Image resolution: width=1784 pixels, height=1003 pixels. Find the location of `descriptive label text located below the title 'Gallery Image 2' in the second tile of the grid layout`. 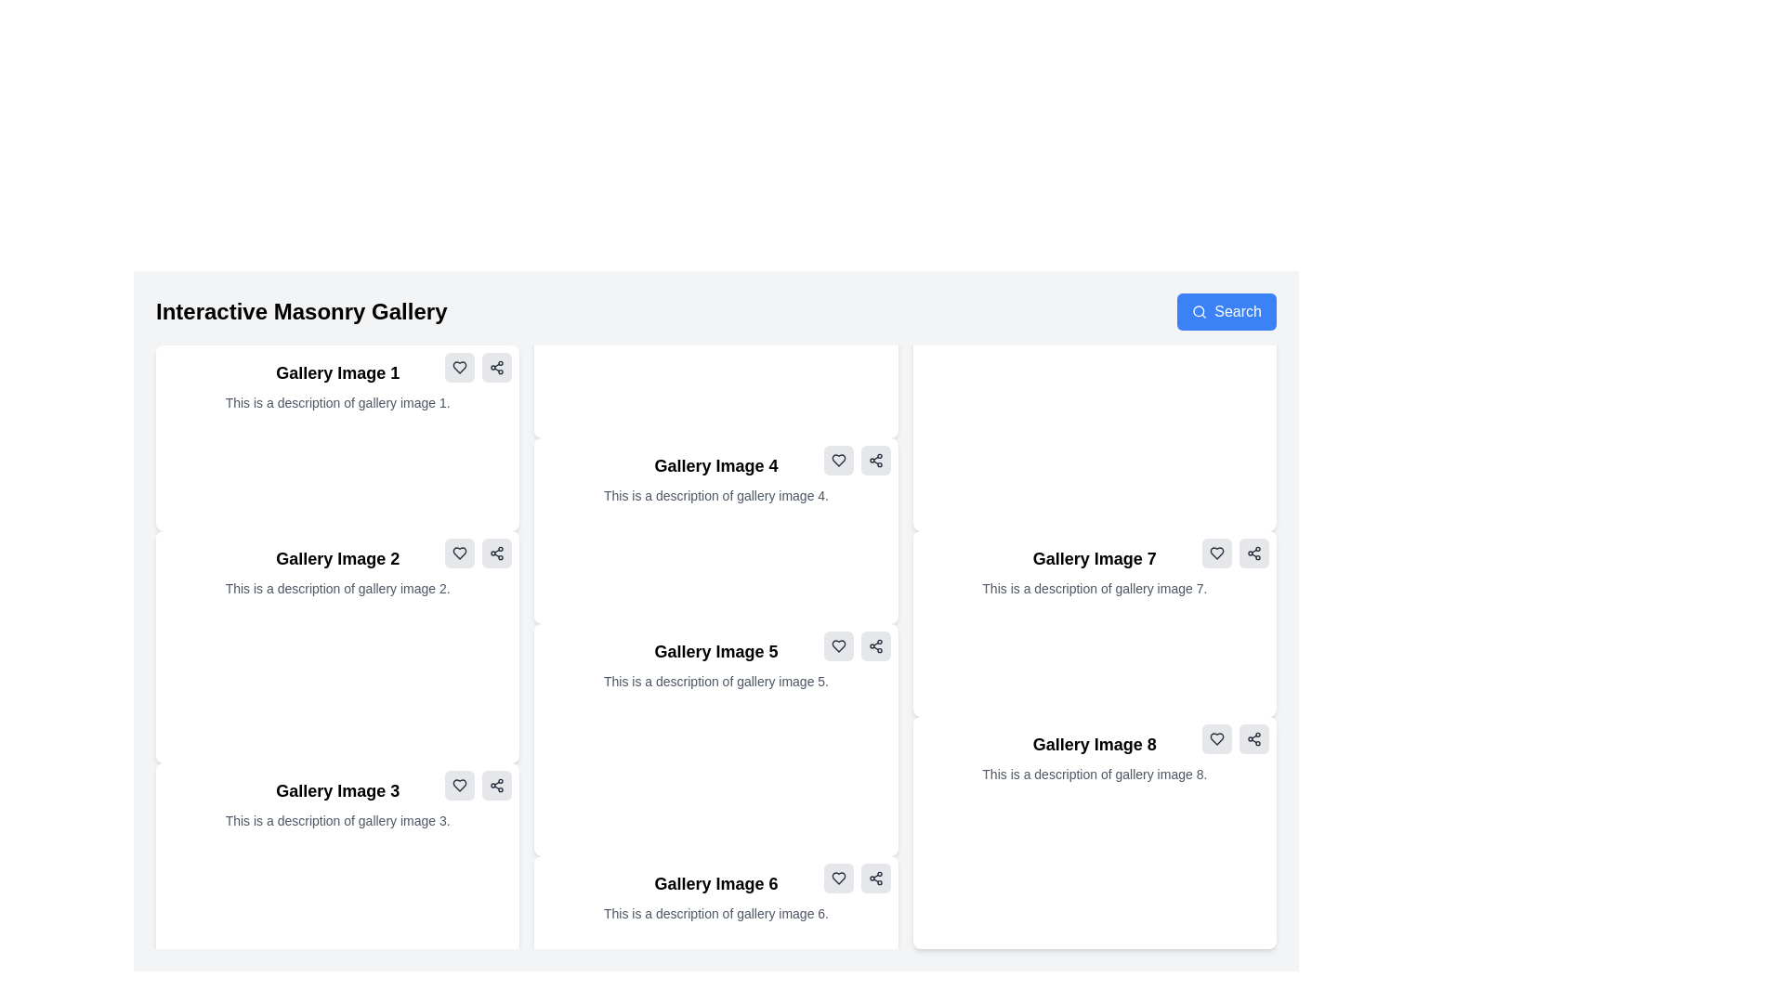

descriptive label text located below the title 'Gallery Image 2' in the second tile of the grid layout is located at coordinates (337, 588).